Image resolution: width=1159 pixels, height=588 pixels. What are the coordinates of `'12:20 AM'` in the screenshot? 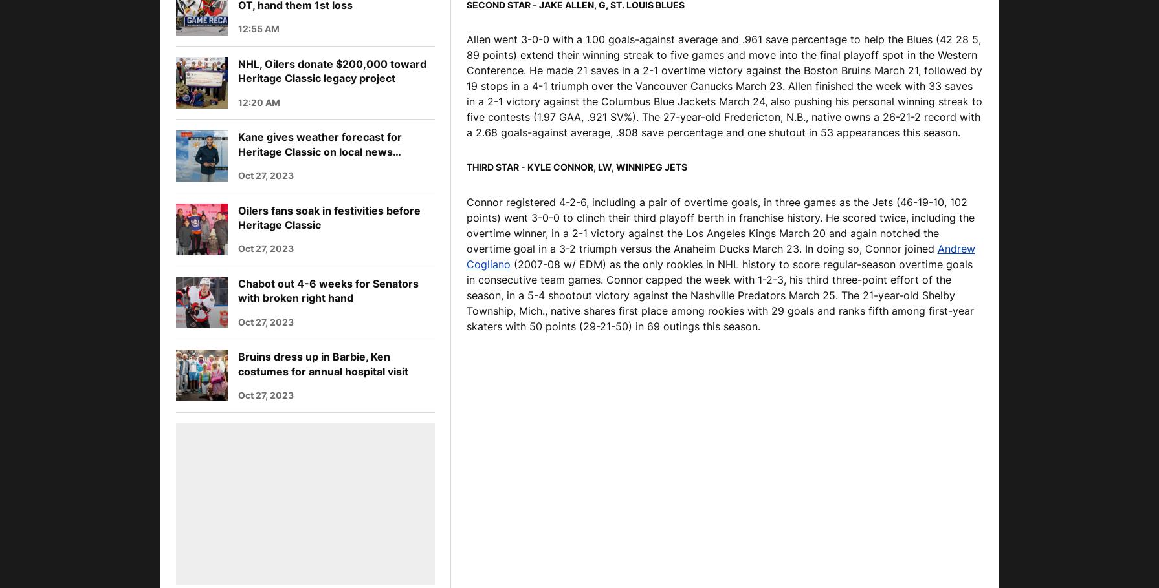 It's located at (258, 101).